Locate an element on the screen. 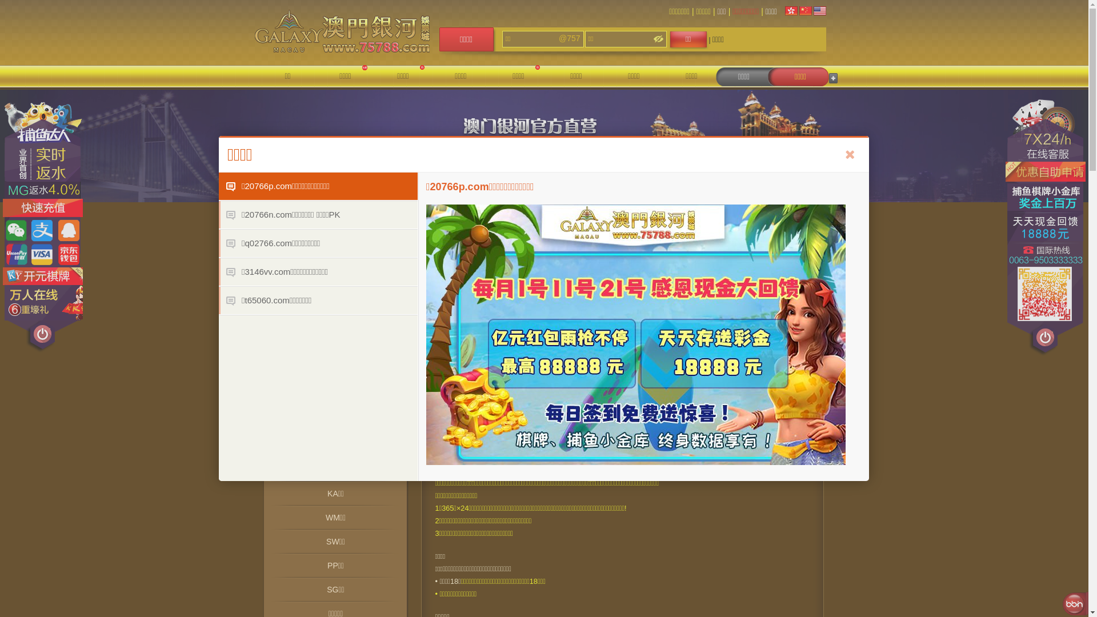 This screenshot has width=1097, height=617. 'English' is located at coordinates (813, 11).